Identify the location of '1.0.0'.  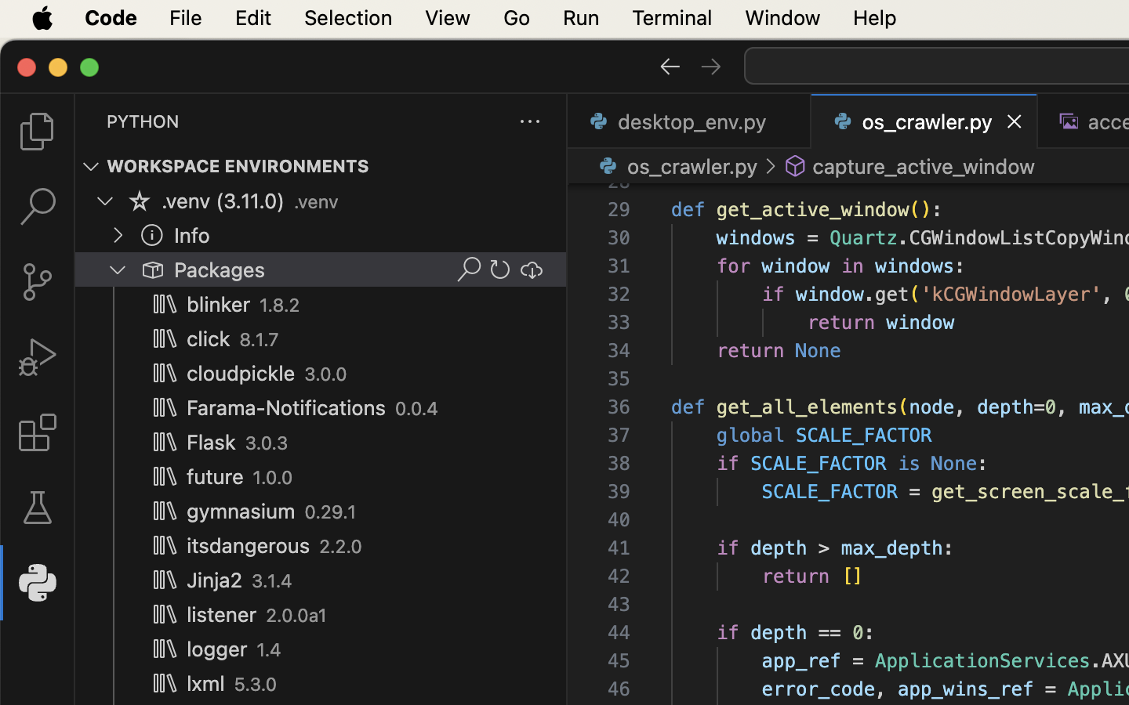
(273, 478).